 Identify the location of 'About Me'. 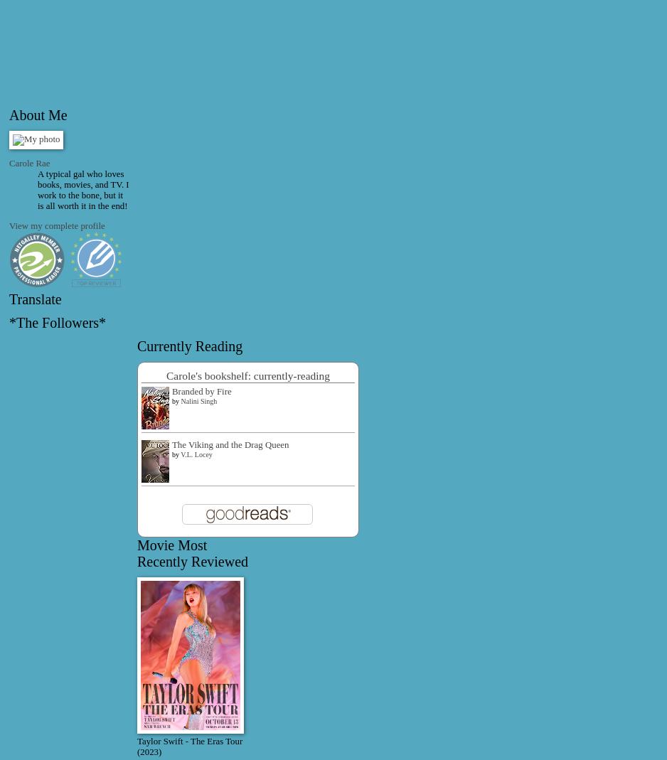
(37, 114).